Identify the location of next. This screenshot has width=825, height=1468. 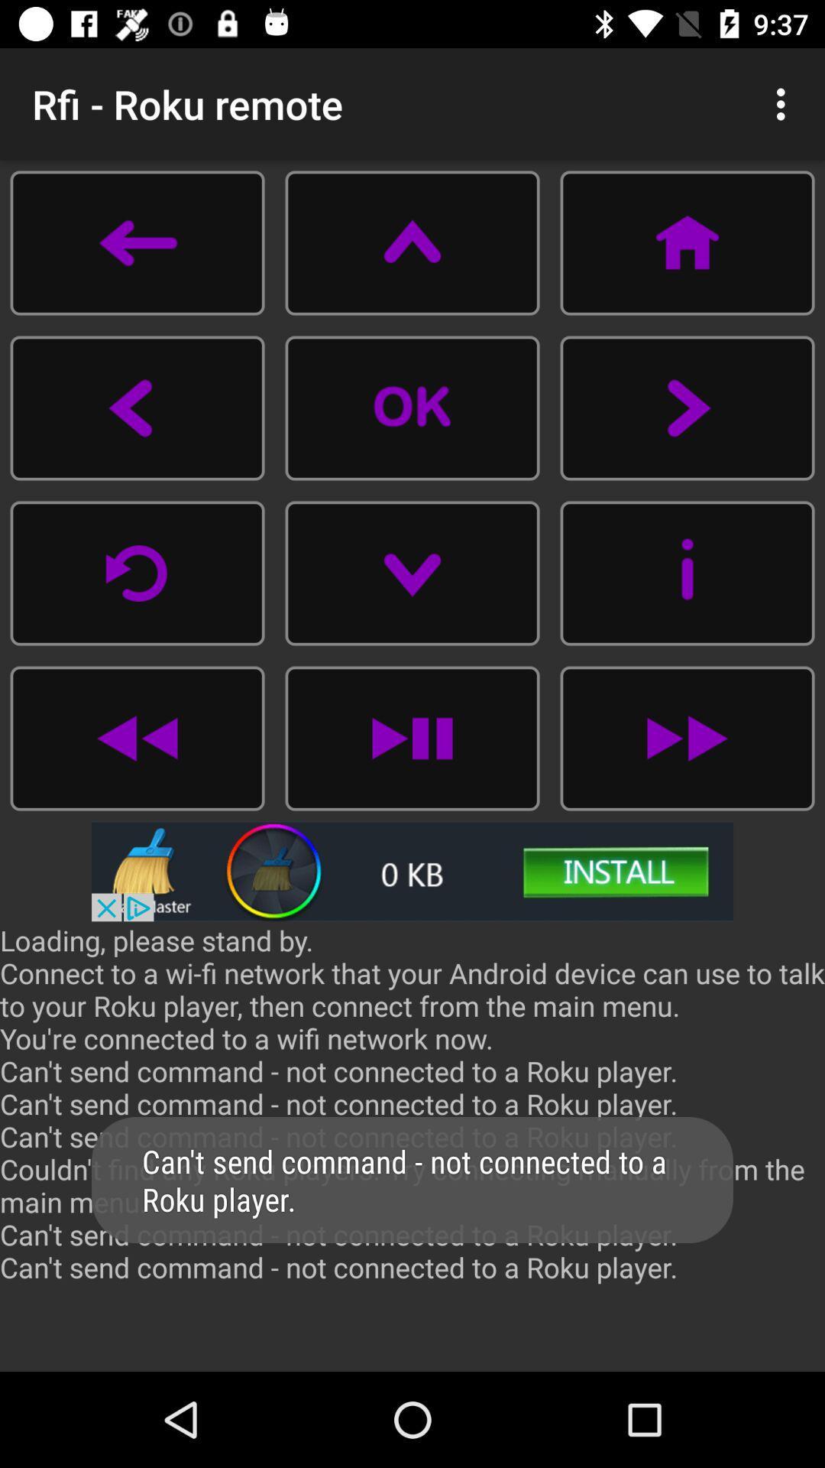
(686, 408).